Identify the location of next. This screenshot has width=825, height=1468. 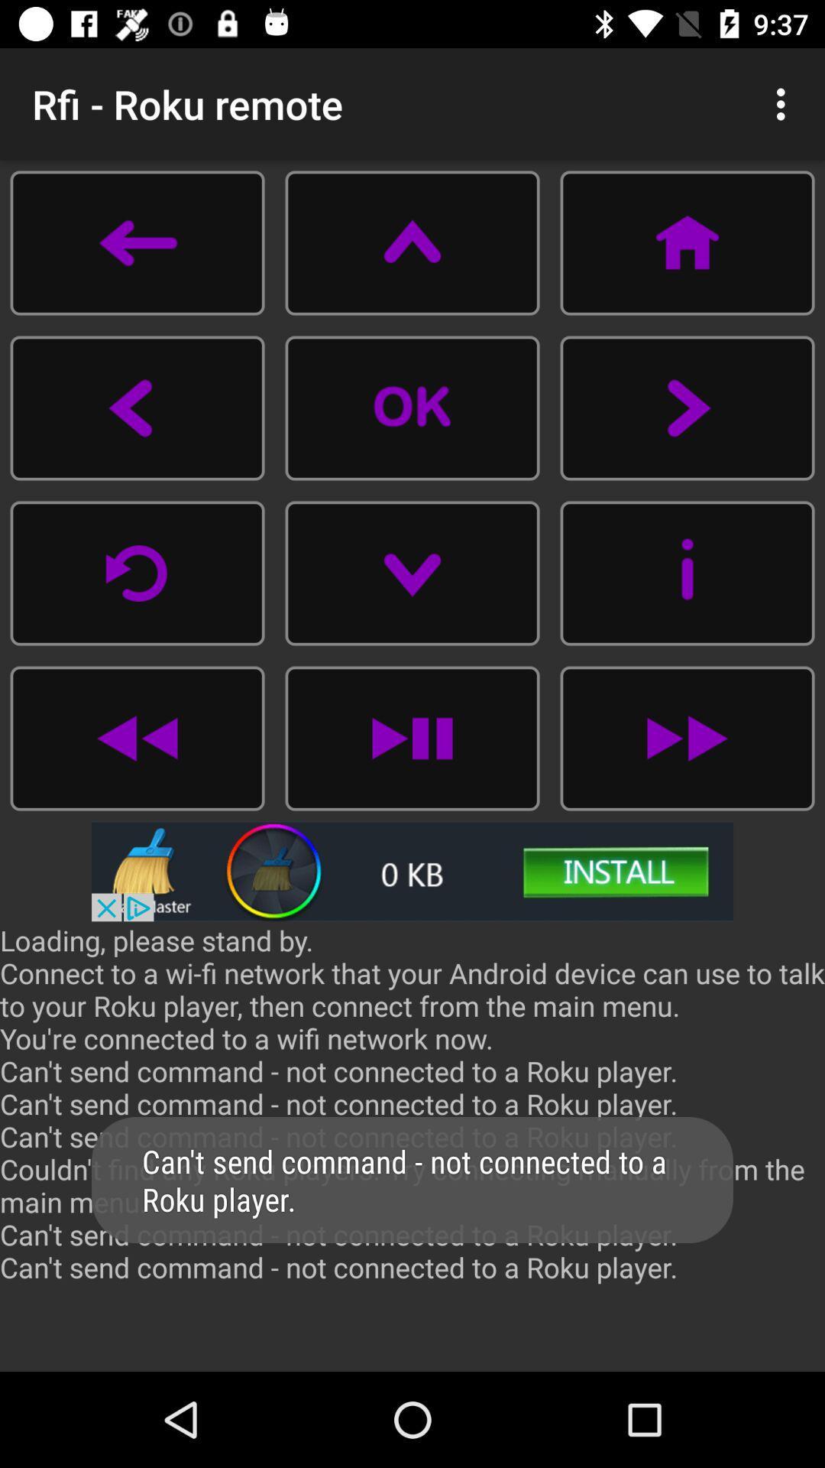
(686, 408).